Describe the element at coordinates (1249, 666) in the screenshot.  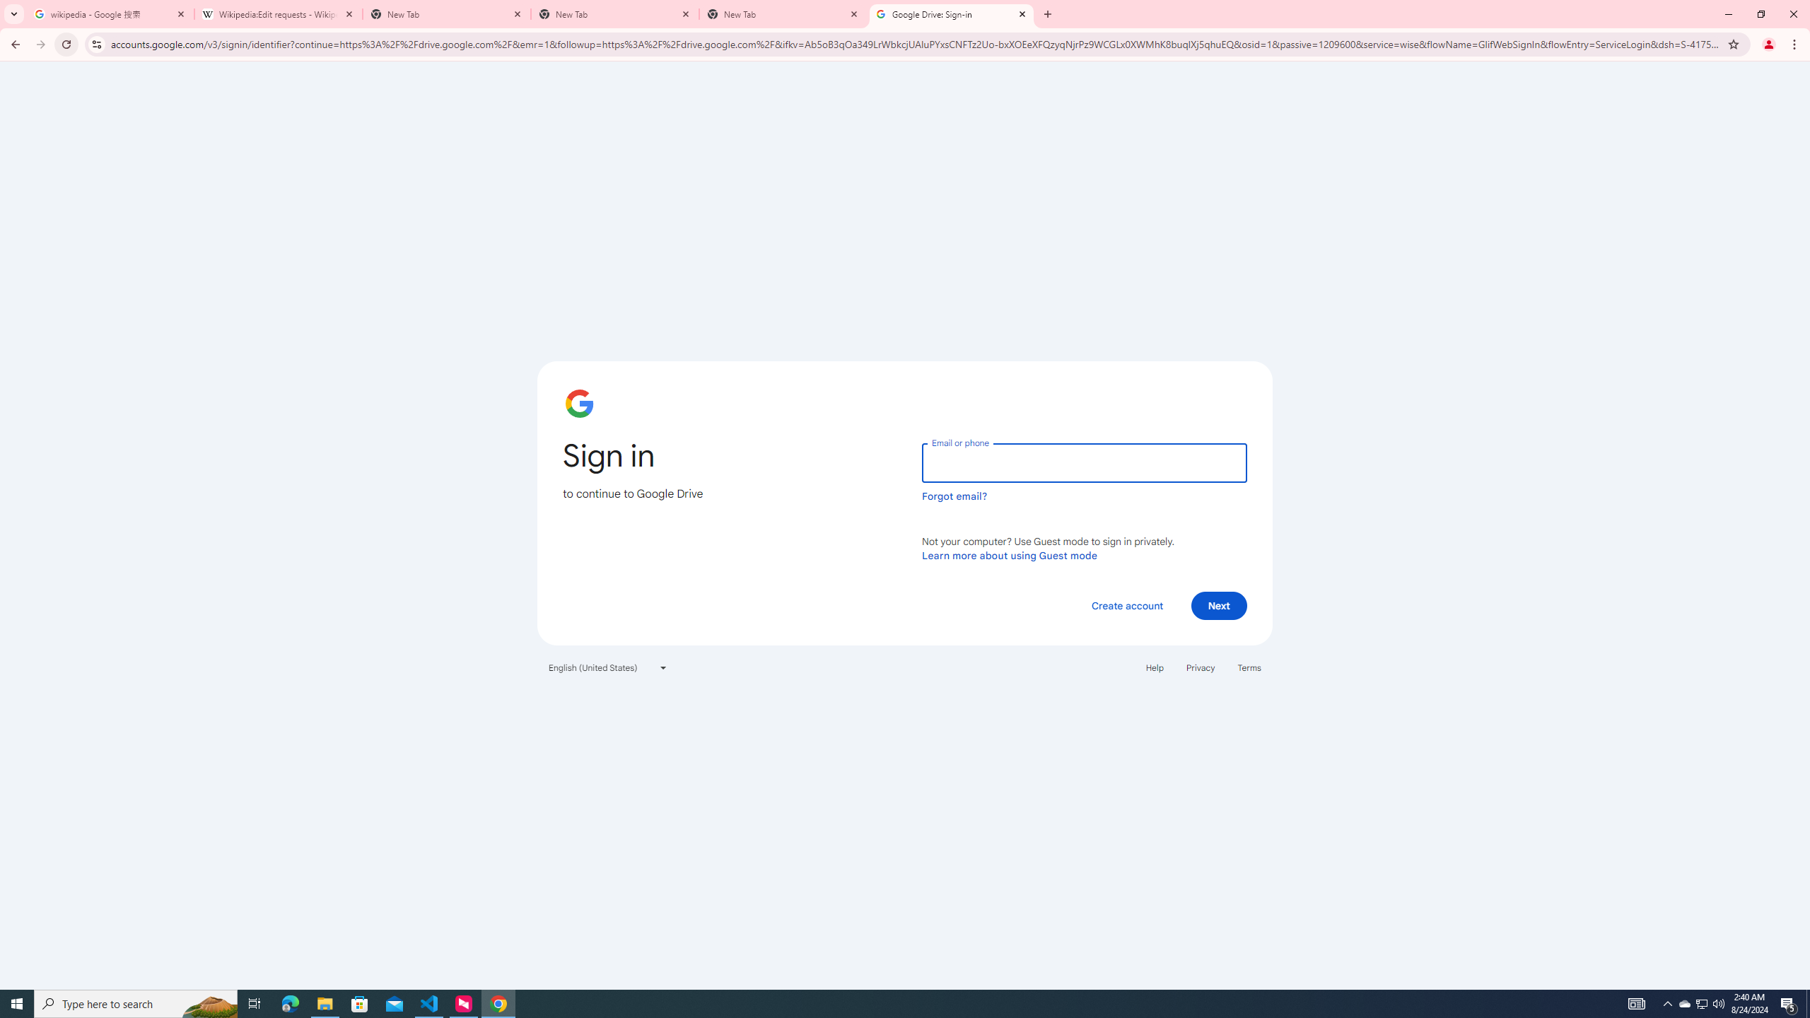
I see `'Terms'` at that location.